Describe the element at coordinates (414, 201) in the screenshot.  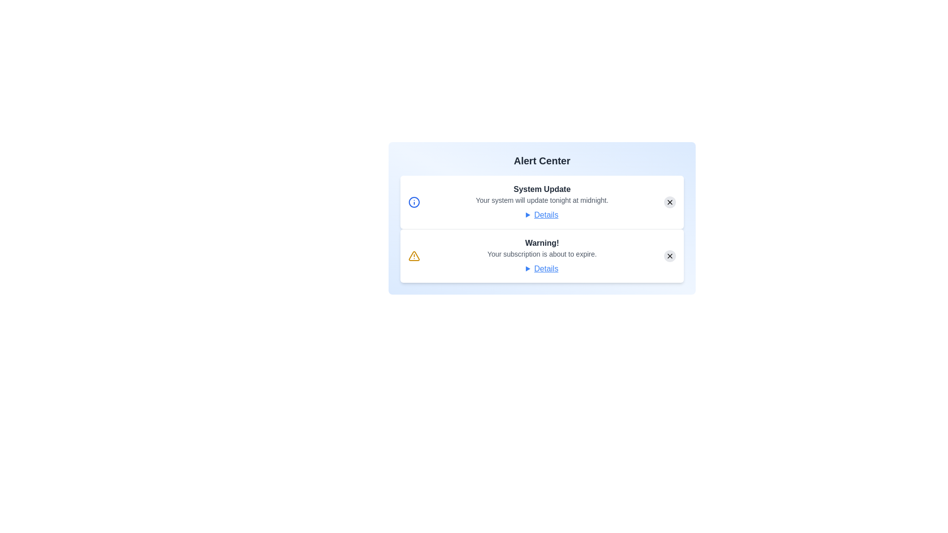
I see `the alert icon to trigger its visual feedback` at that location.